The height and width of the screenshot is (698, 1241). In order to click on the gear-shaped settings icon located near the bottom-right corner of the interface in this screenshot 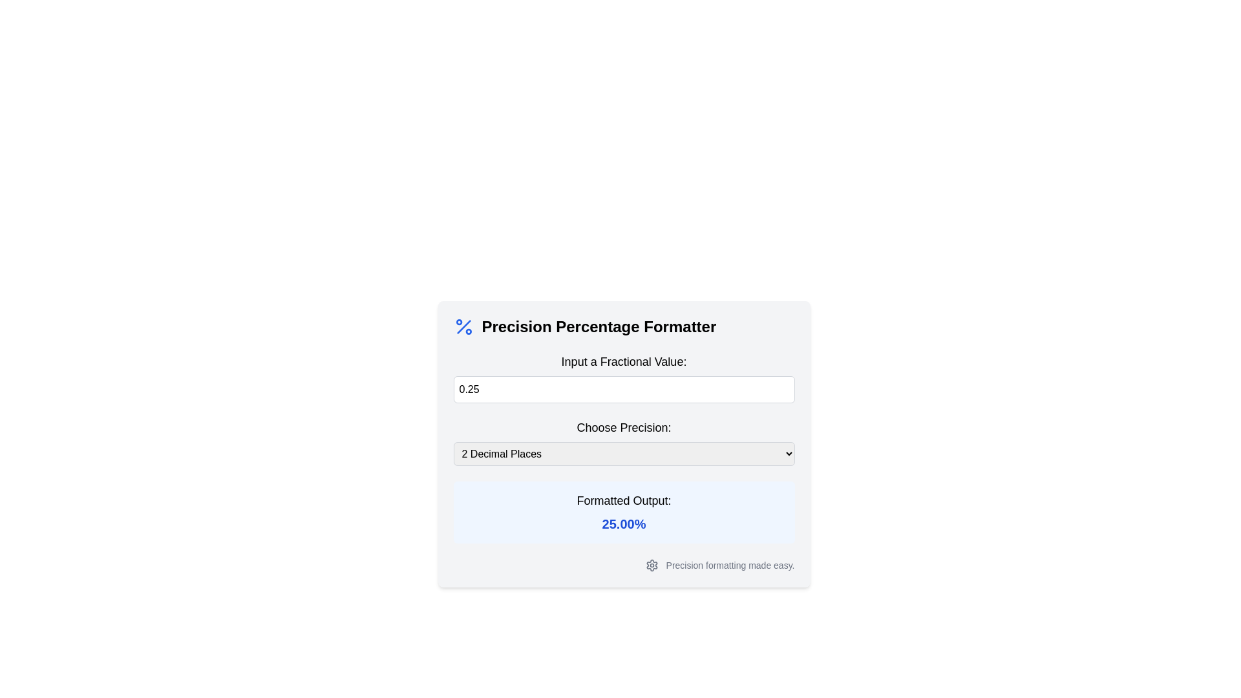, I will do `click(652, 565)`.